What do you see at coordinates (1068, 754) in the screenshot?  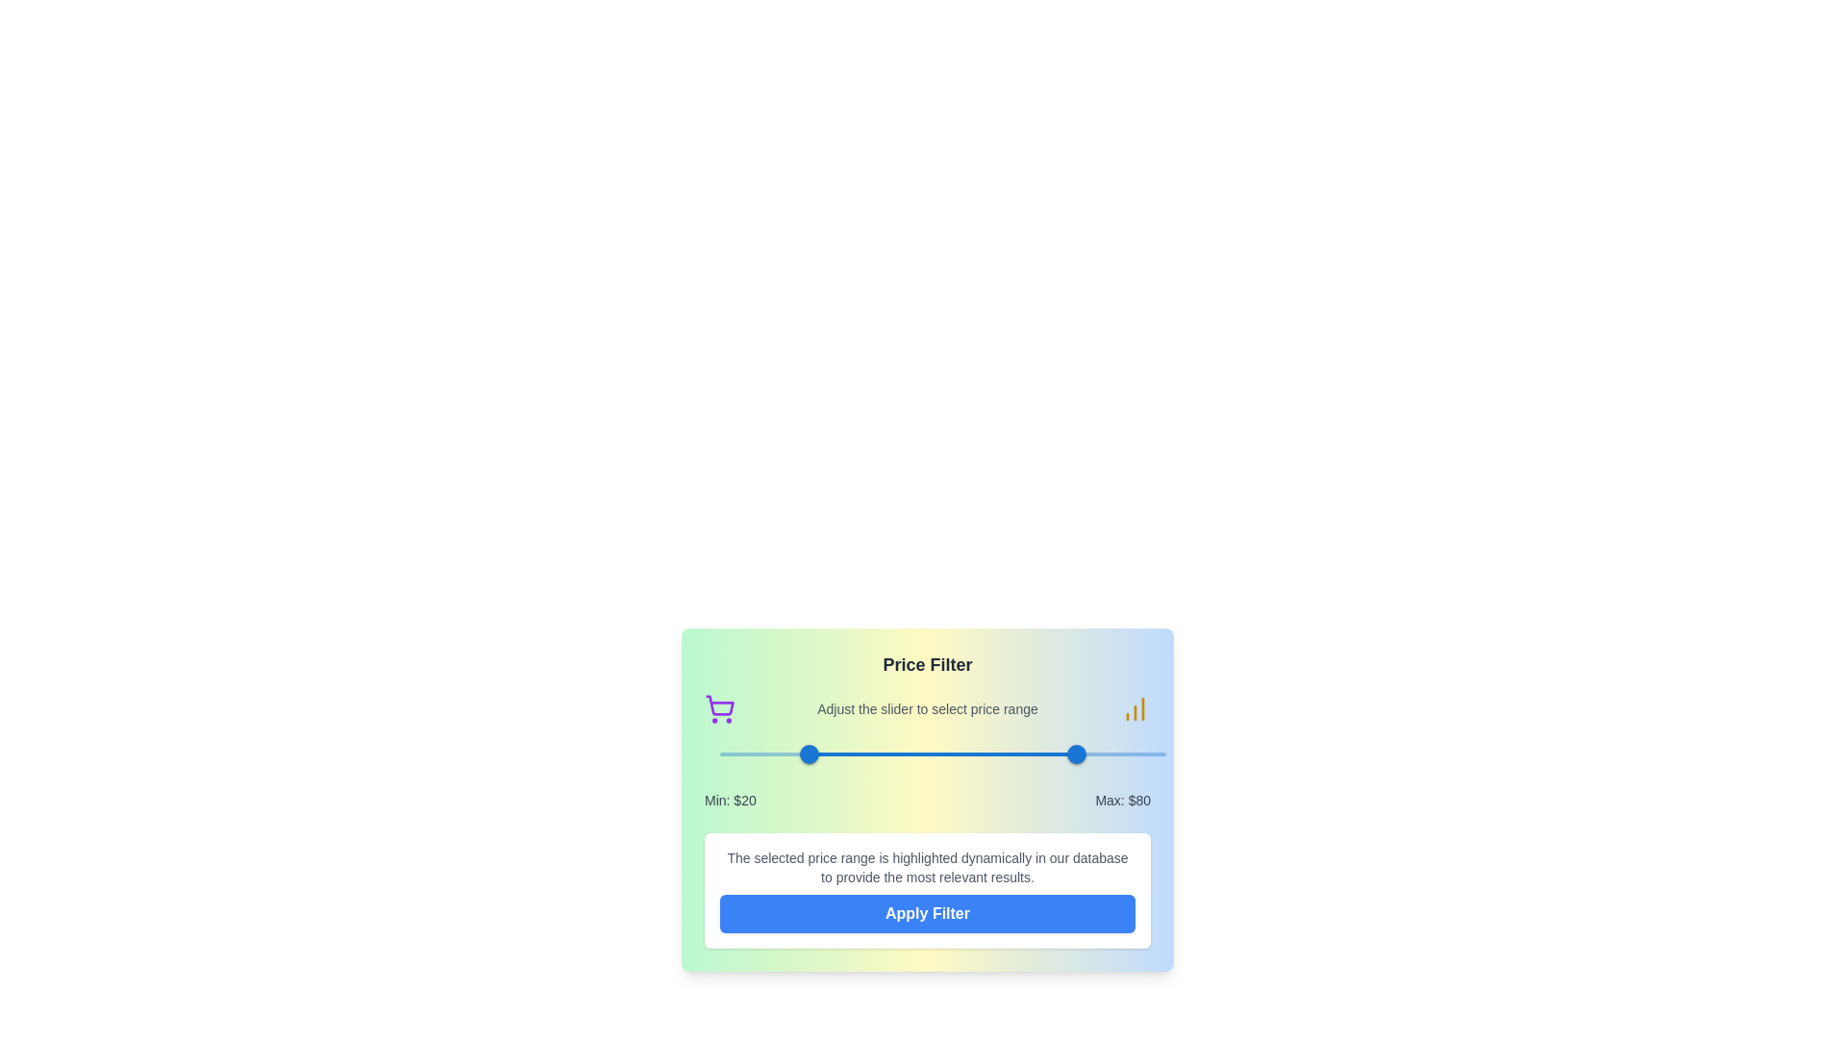 I see `slider value` at bounding box center [1068, 754].